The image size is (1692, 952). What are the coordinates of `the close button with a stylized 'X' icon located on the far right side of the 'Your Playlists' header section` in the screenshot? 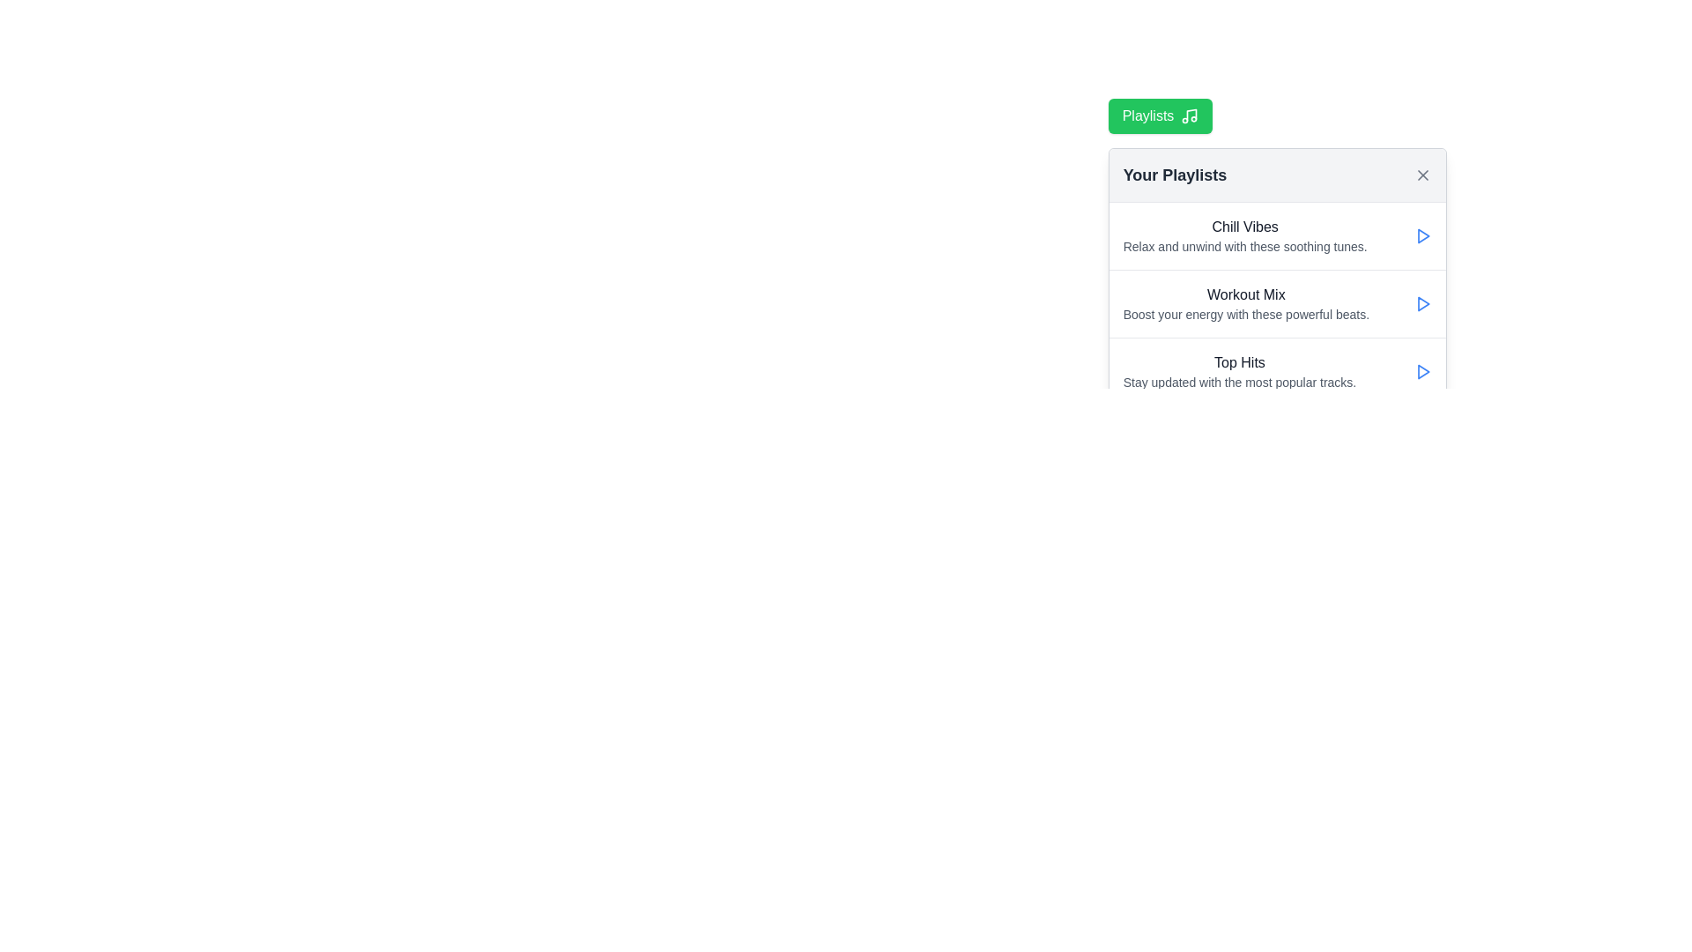 It's located at (1422, 175).